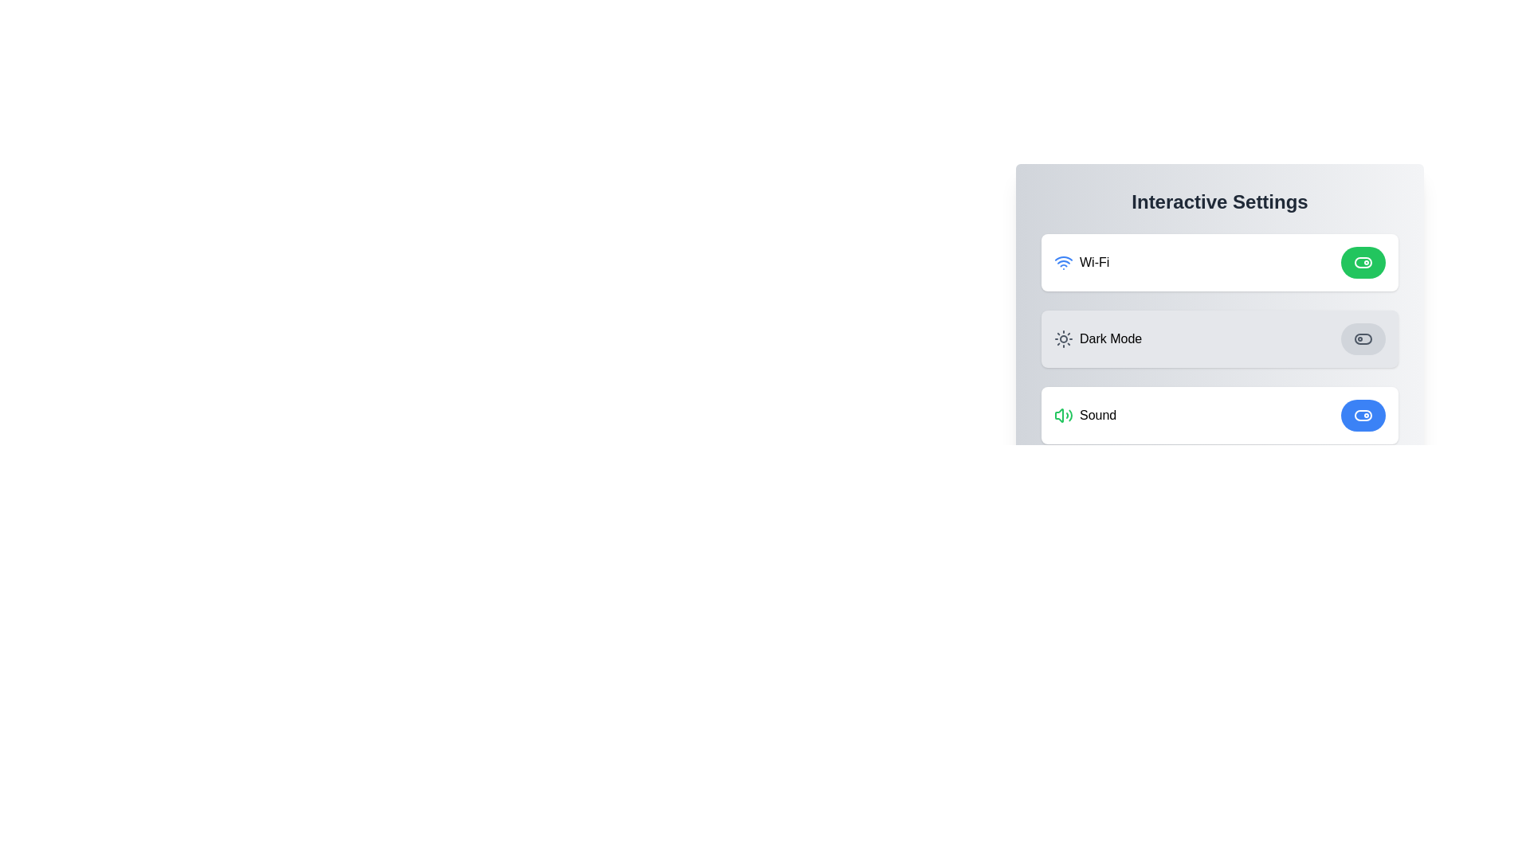 The width and height of the screenshot is (1530, 860). Describe the element at coordinates (1362, 338) in the screenshot. I see `the toggle switch in the 'Dark Mode' section of the 'Interactive Settings' interface to change its state` at that location.